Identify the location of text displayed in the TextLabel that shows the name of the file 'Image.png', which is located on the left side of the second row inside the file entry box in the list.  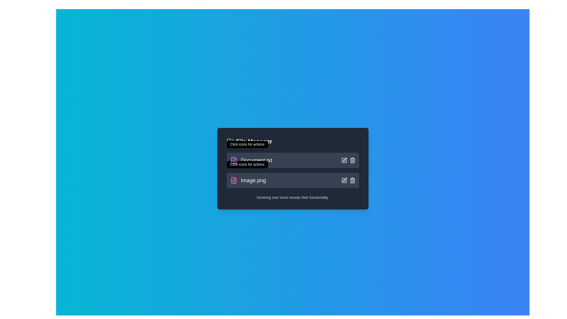
(253, 180).